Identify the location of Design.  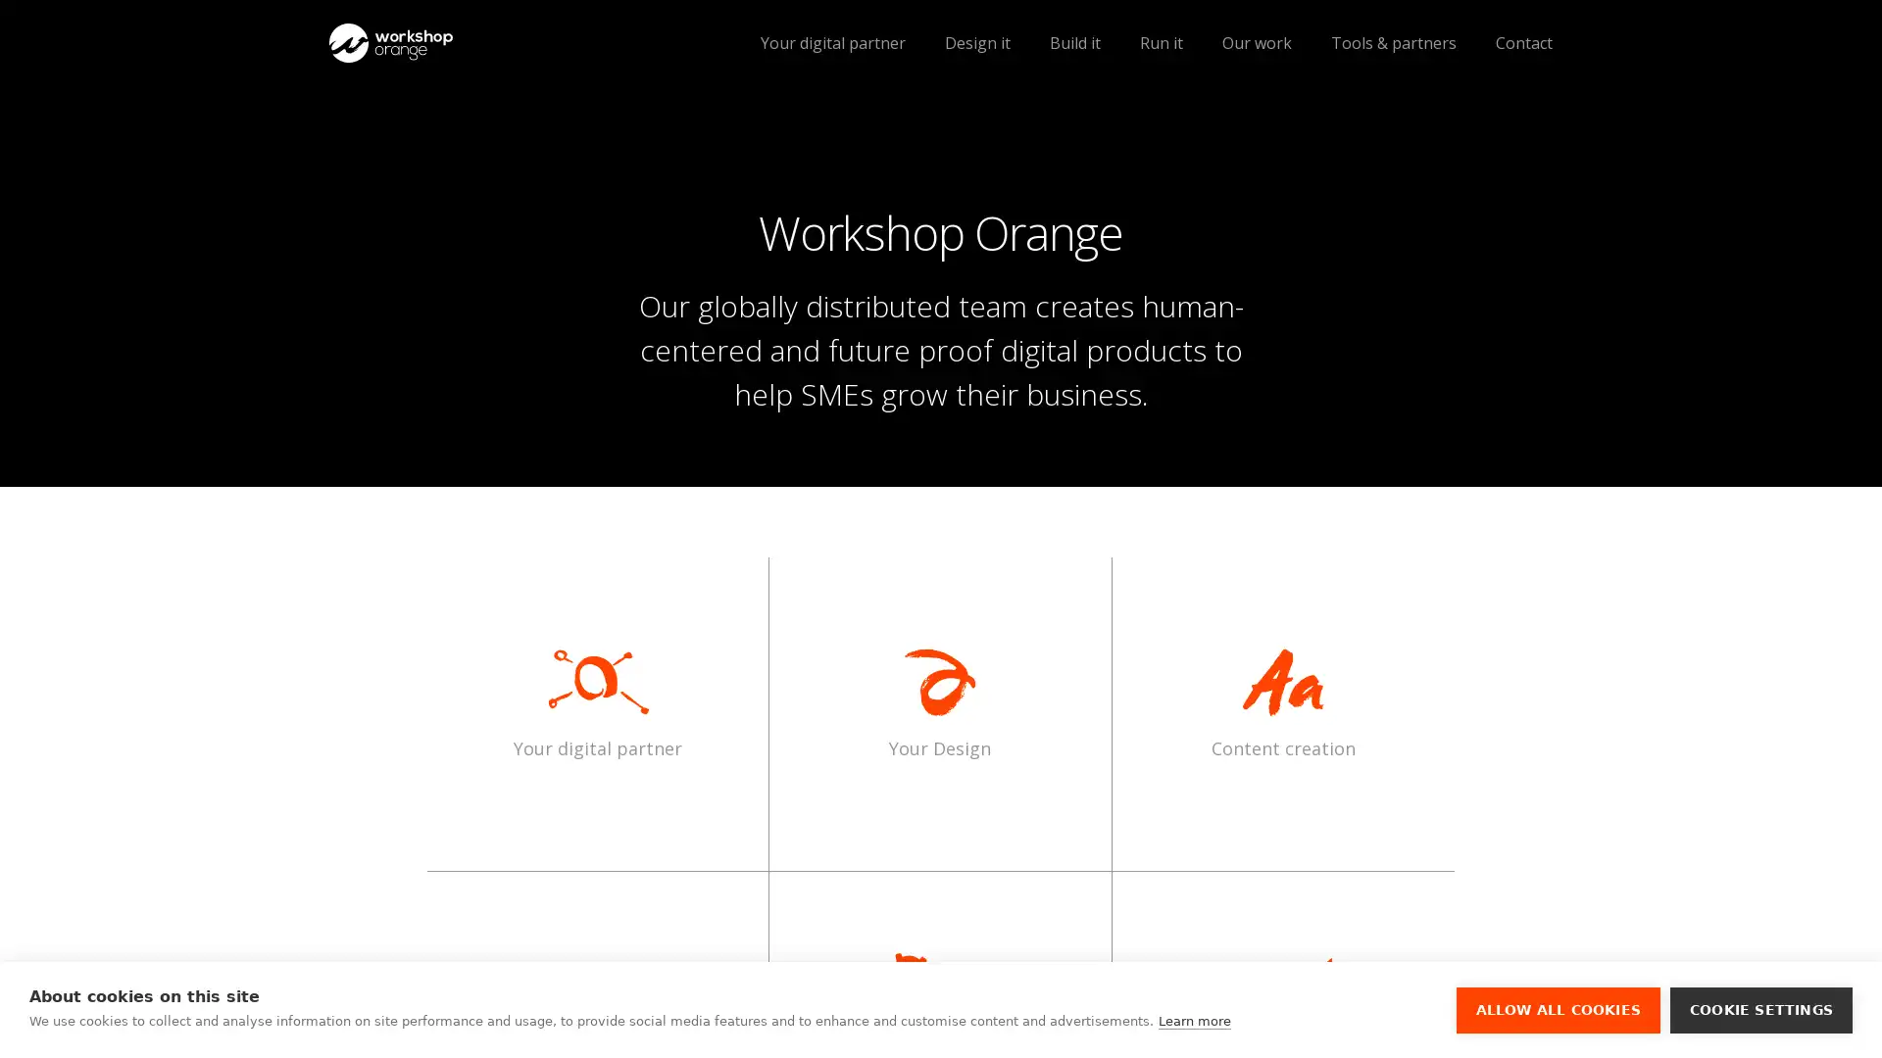
(483, 127).